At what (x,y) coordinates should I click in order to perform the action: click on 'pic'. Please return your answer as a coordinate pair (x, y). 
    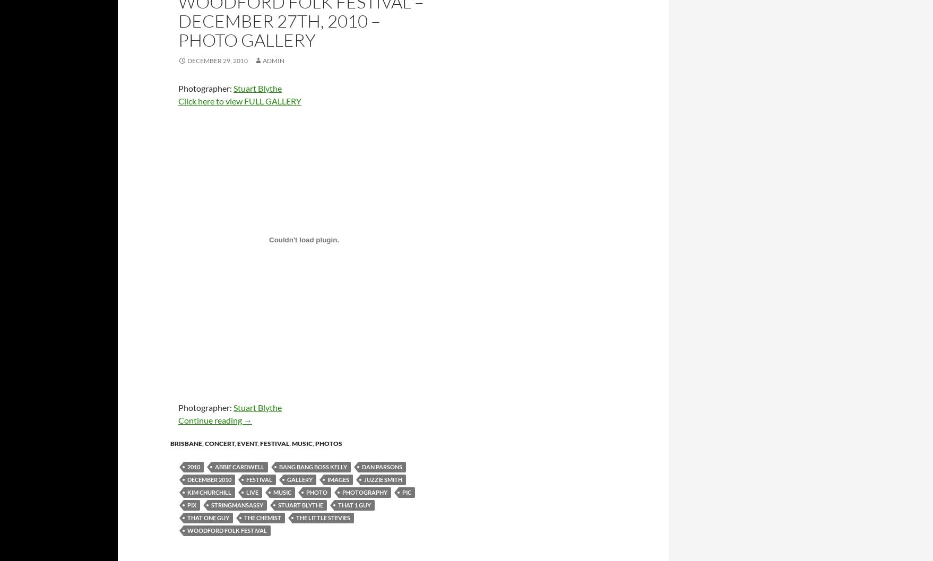
    Looking at the image, I should click on (406, 492).